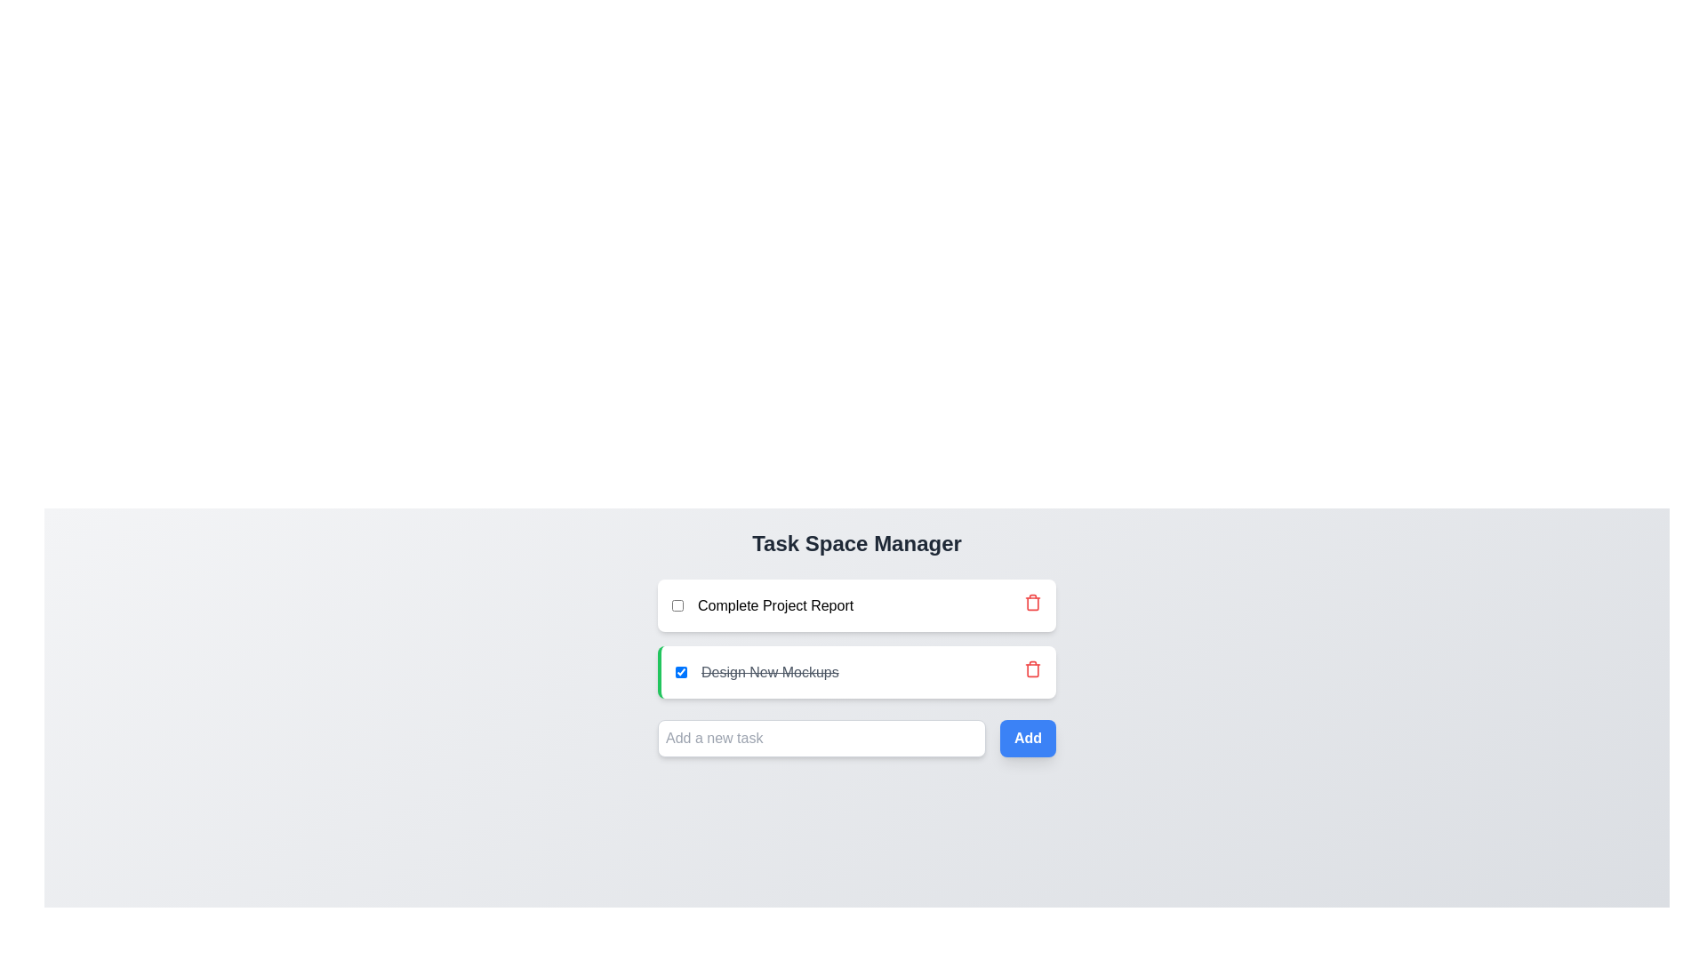 The image size is (1707, 960). Describe the element at coordinates (1028, 738) in the screenshot. I see `the blue button labeled 'Add' located at the bottom-right corner of the task input field` at that location.